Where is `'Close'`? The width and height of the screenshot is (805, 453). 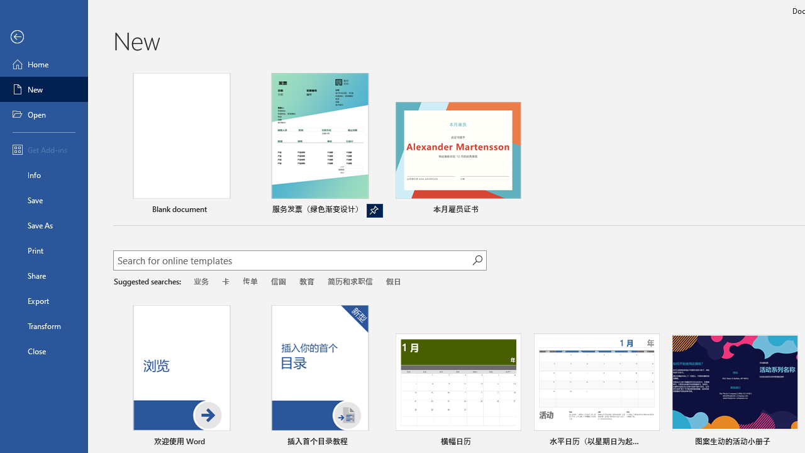
'Close' is located at coordinates (43, 351).